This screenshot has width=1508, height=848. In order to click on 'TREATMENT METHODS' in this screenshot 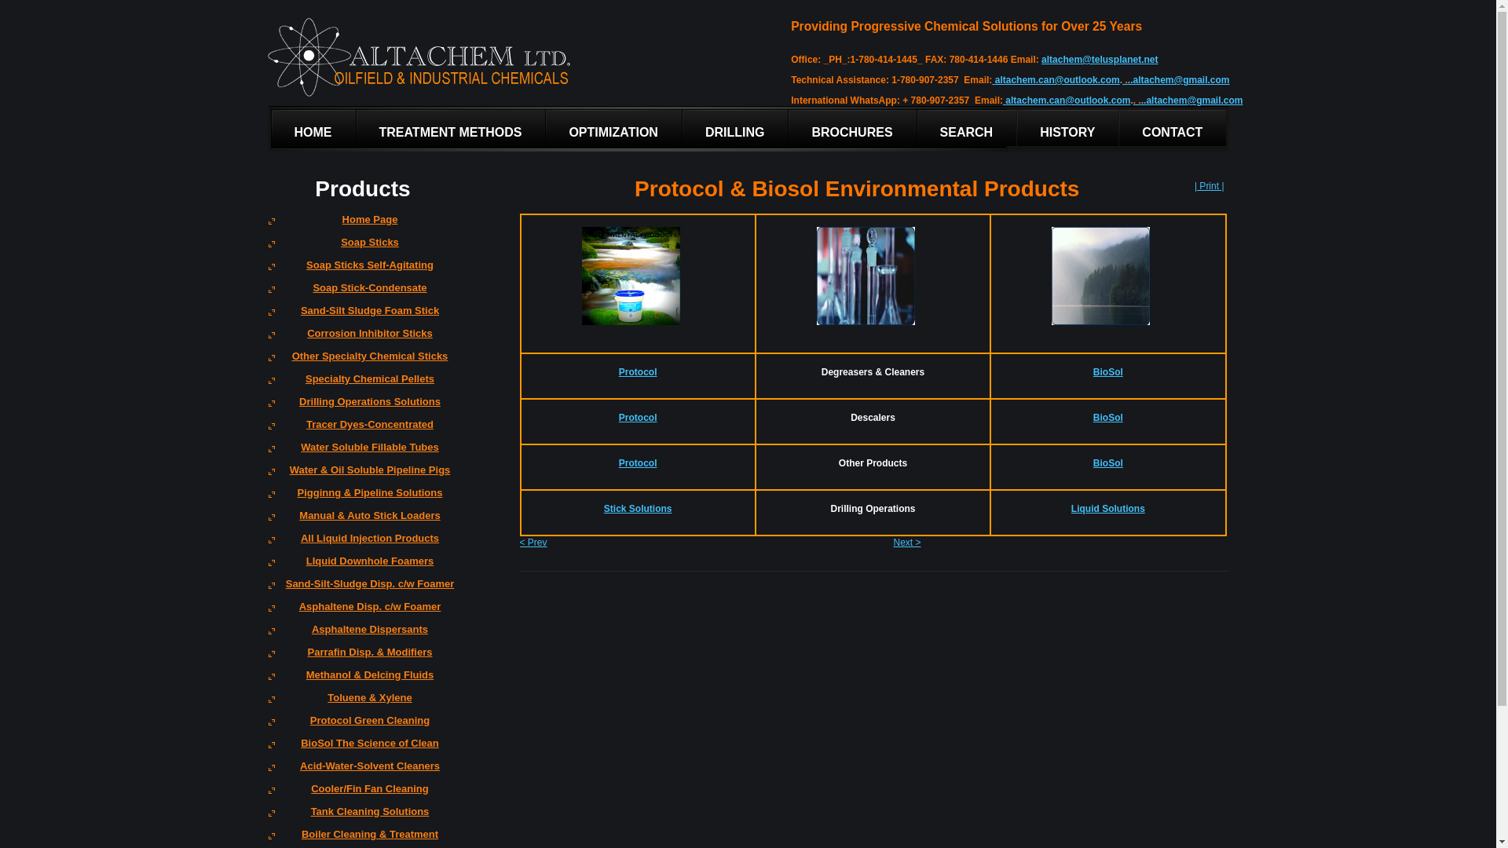, I will do `click(450, 128)`.